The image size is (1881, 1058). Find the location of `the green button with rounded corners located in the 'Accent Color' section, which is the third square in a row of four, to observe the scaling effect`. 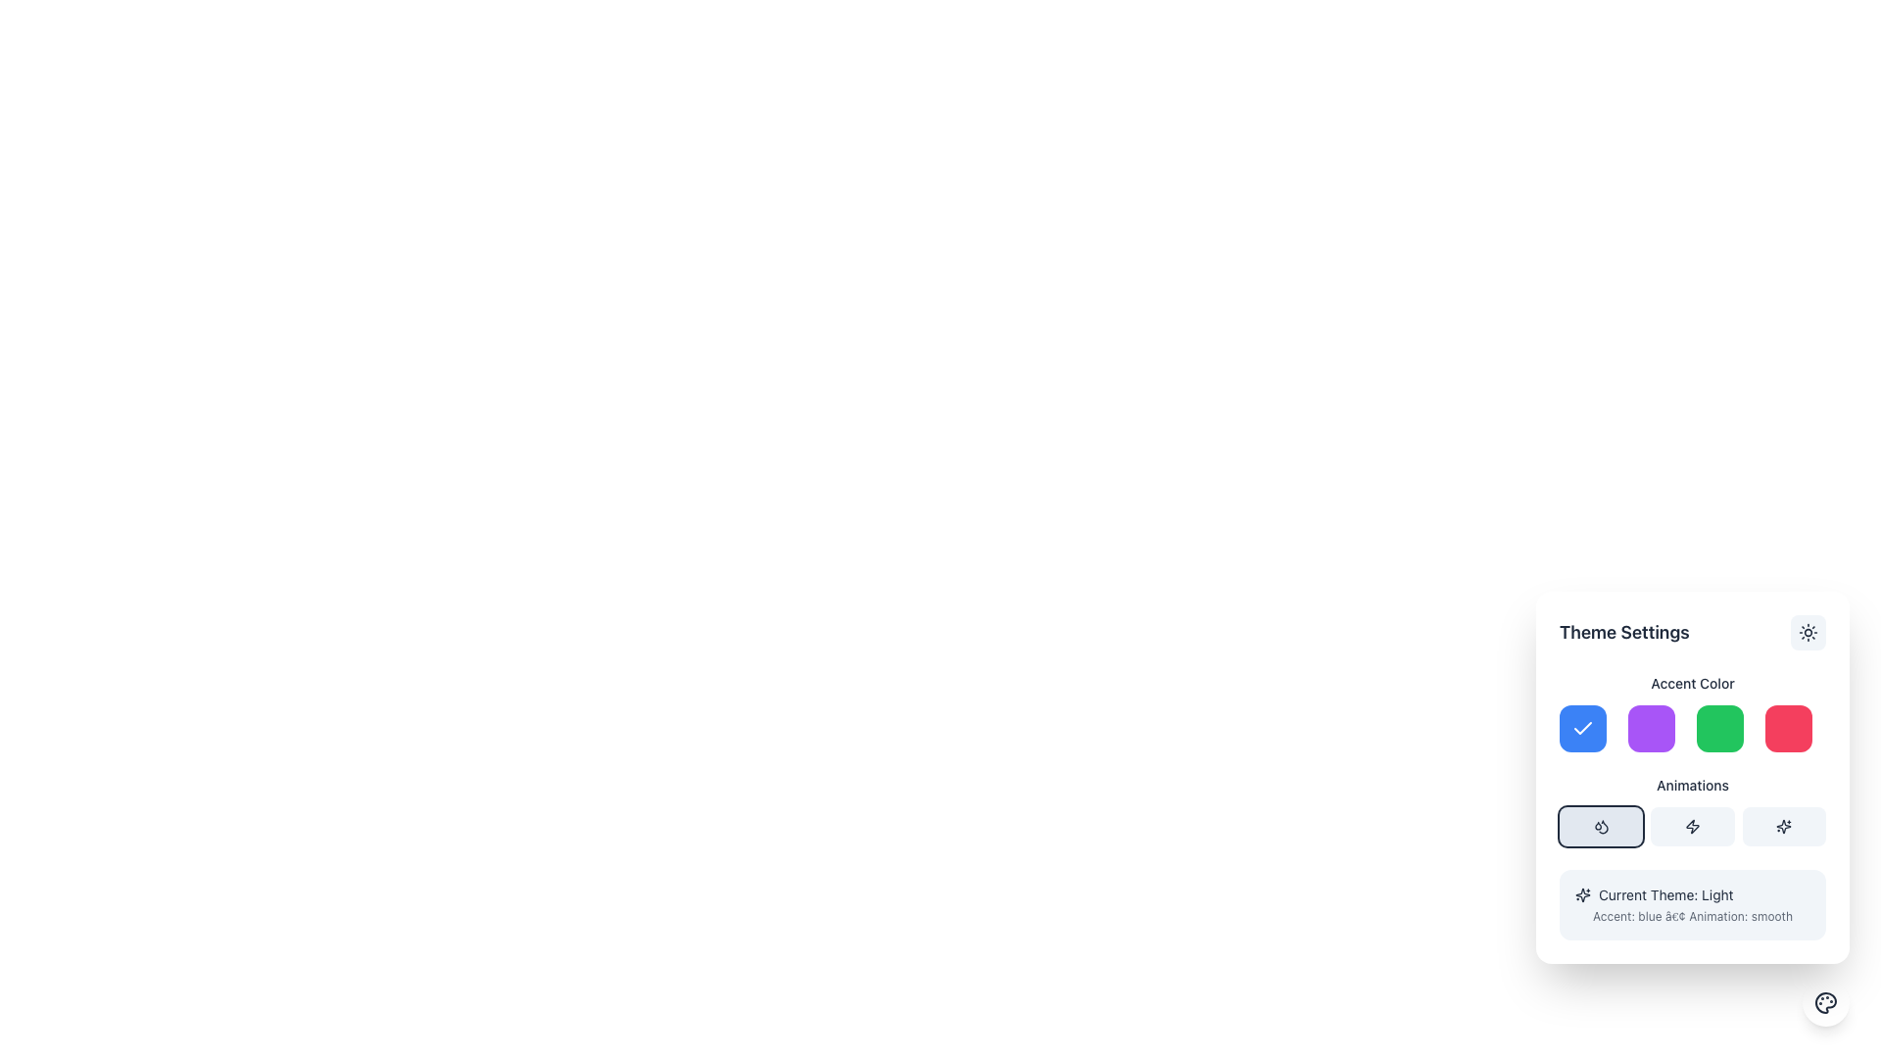

the green button with rounded corners located in the 'Accent Color' section, which is the third square in a row of four, to observe the scaling effect is located at coordinates (1719, 729).